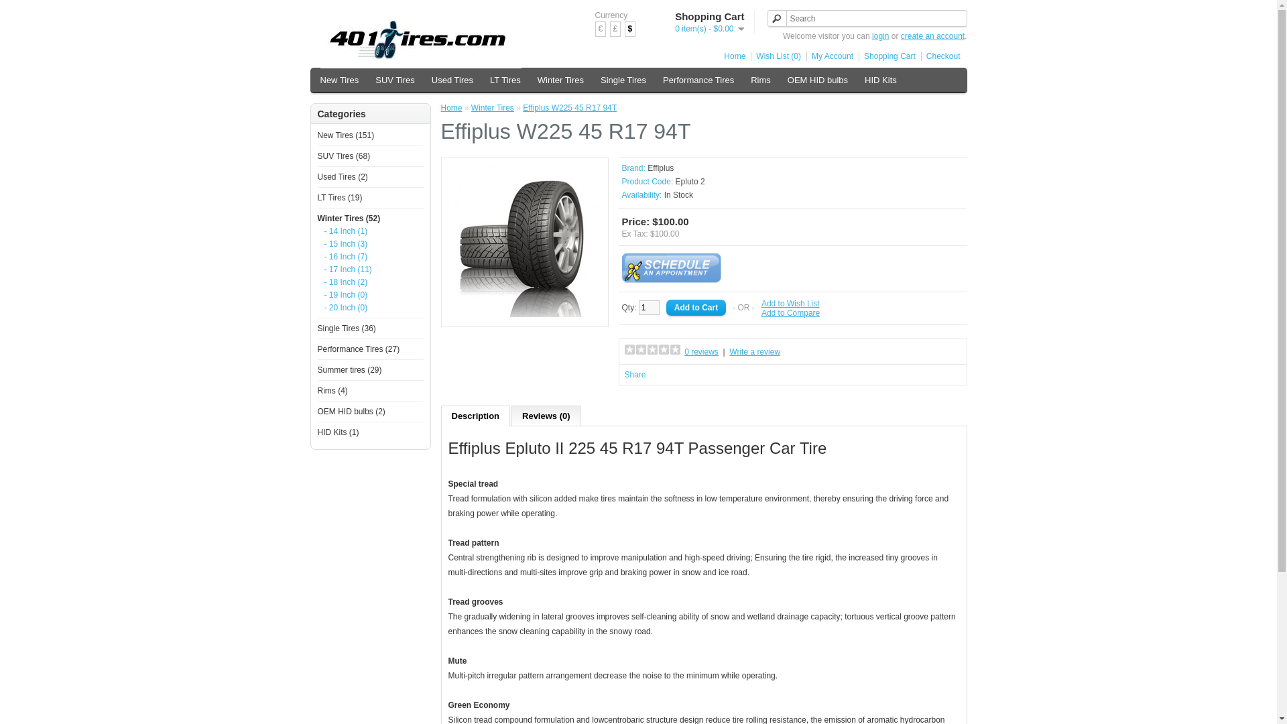  Describe the element at coordinates (675, 28) in the screenshot. I see `'0 item(s) - $0.00'` at that location.